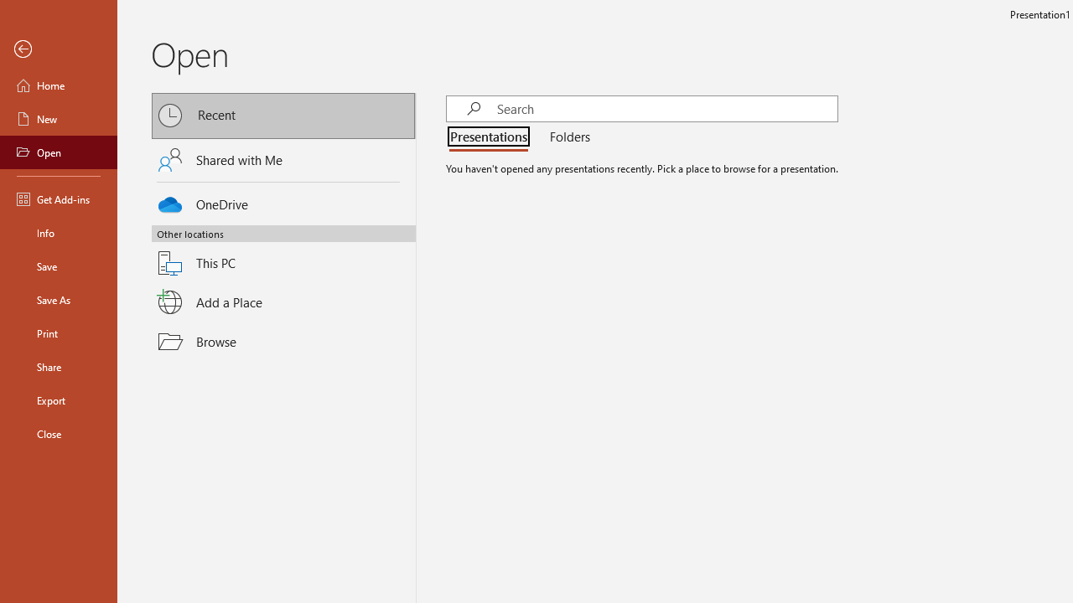 Image resolution: width=1073 pixels, height=603 pixels. What do you see at coordinates (283, 340) in the screenshot?
I see `'Browse'` at bounding box center [283, 340].